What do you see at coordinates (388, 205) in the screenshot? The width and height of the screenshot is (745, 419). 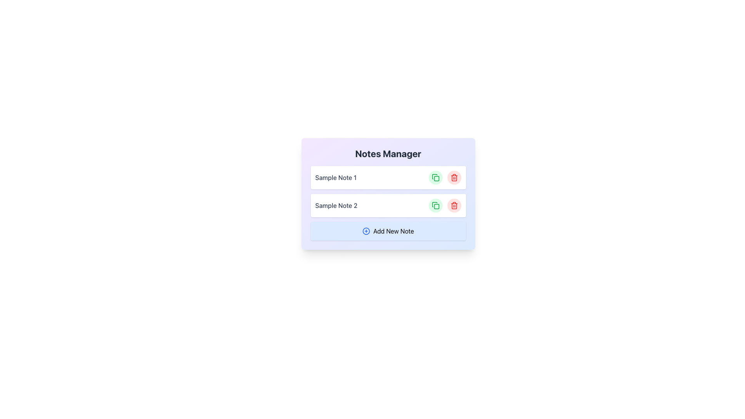 I see `the second note card in the note management interface` at bounding box center [388, 205].